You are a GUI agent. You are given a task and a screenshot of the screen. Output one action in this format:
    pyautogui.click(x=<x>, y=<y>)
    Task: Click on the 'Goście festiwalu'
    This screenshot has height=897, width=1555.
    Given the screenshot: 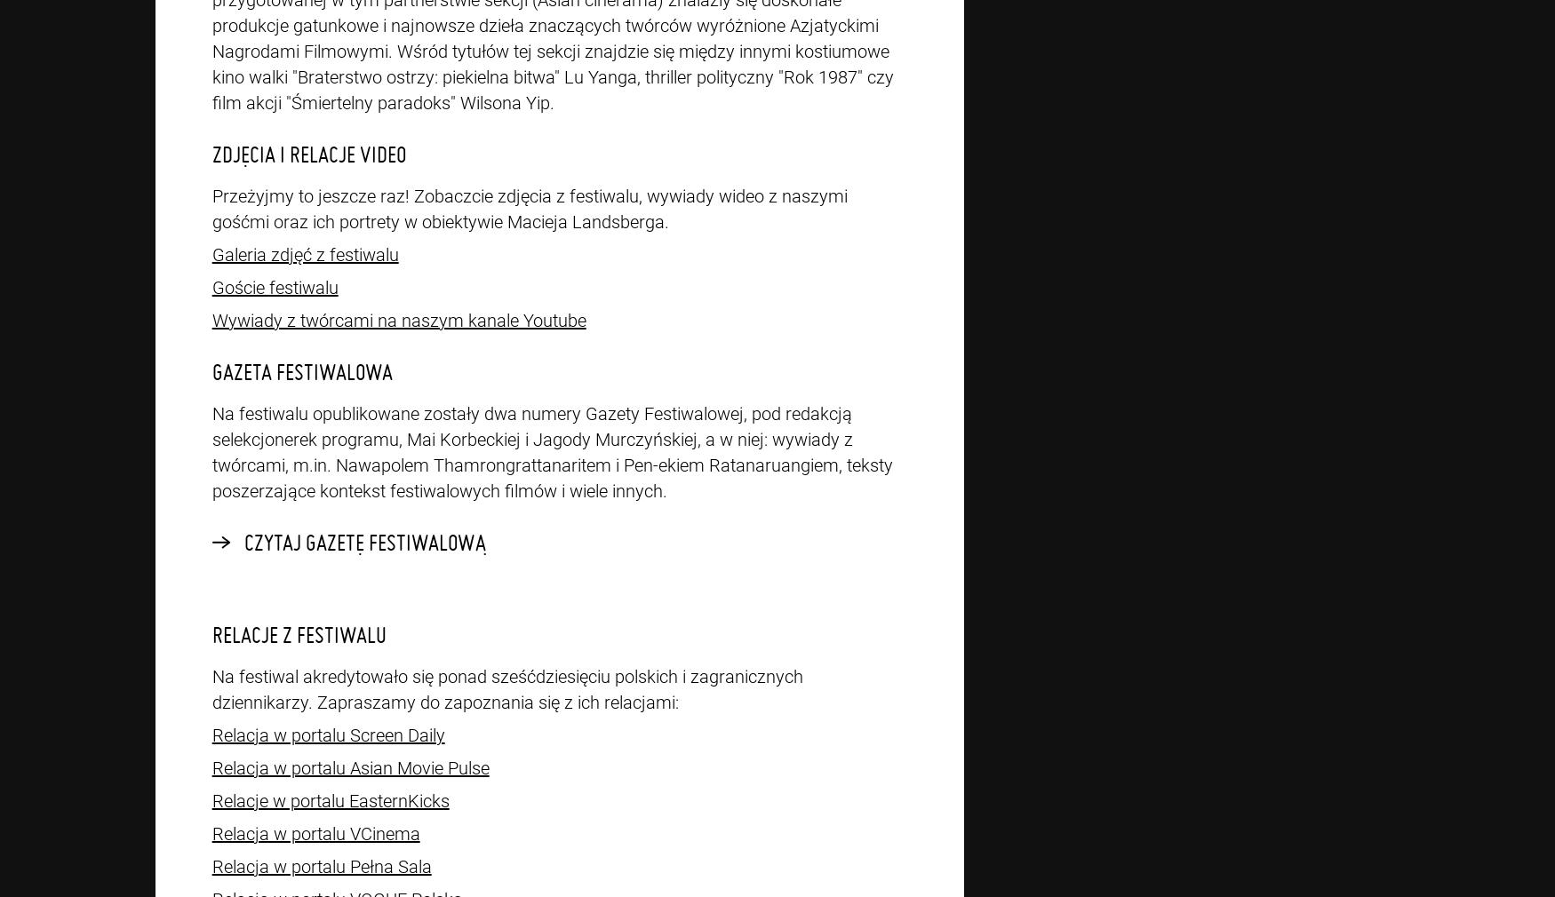 What is the action you would take?
    pyautogui.click(x=211, y=288)
    